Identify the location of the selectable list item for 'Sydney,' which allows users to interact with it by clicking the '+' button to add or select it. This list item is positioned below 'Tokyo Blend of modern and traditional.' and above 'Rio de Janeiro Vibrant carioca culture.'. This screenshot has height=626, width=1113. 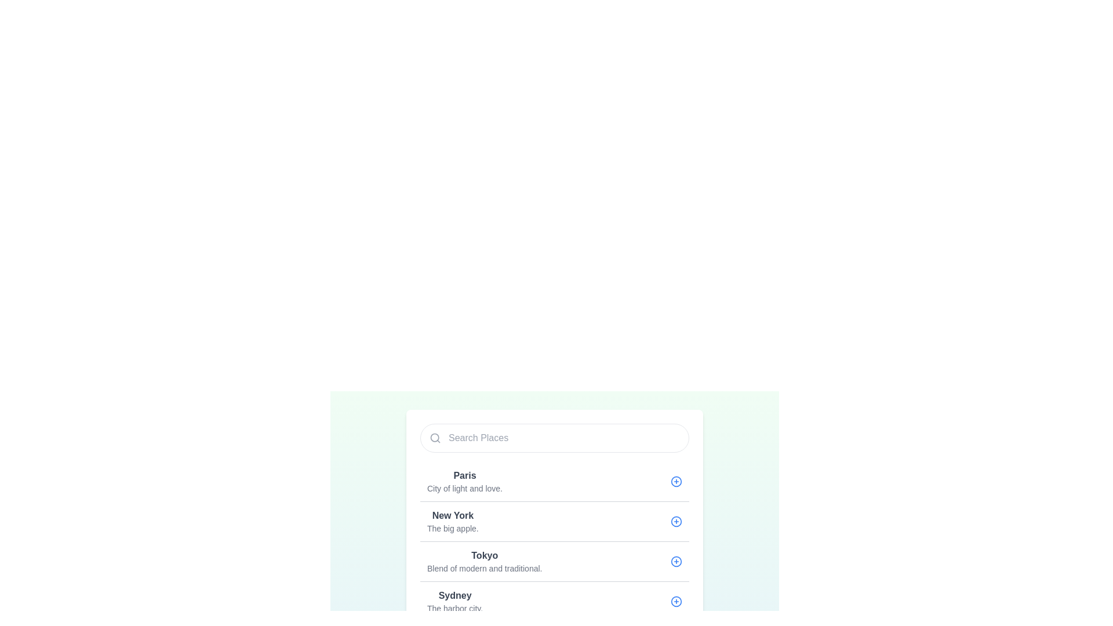
(554, 600).